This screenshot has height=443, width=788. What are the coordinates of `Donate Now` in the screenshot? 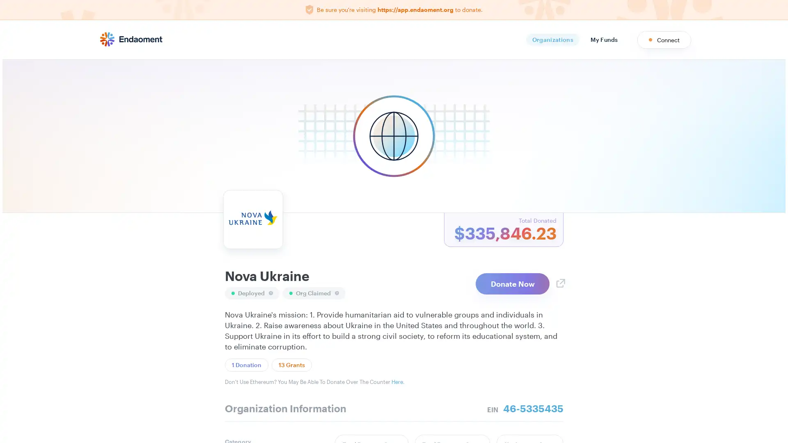 It's located at (512, 283).